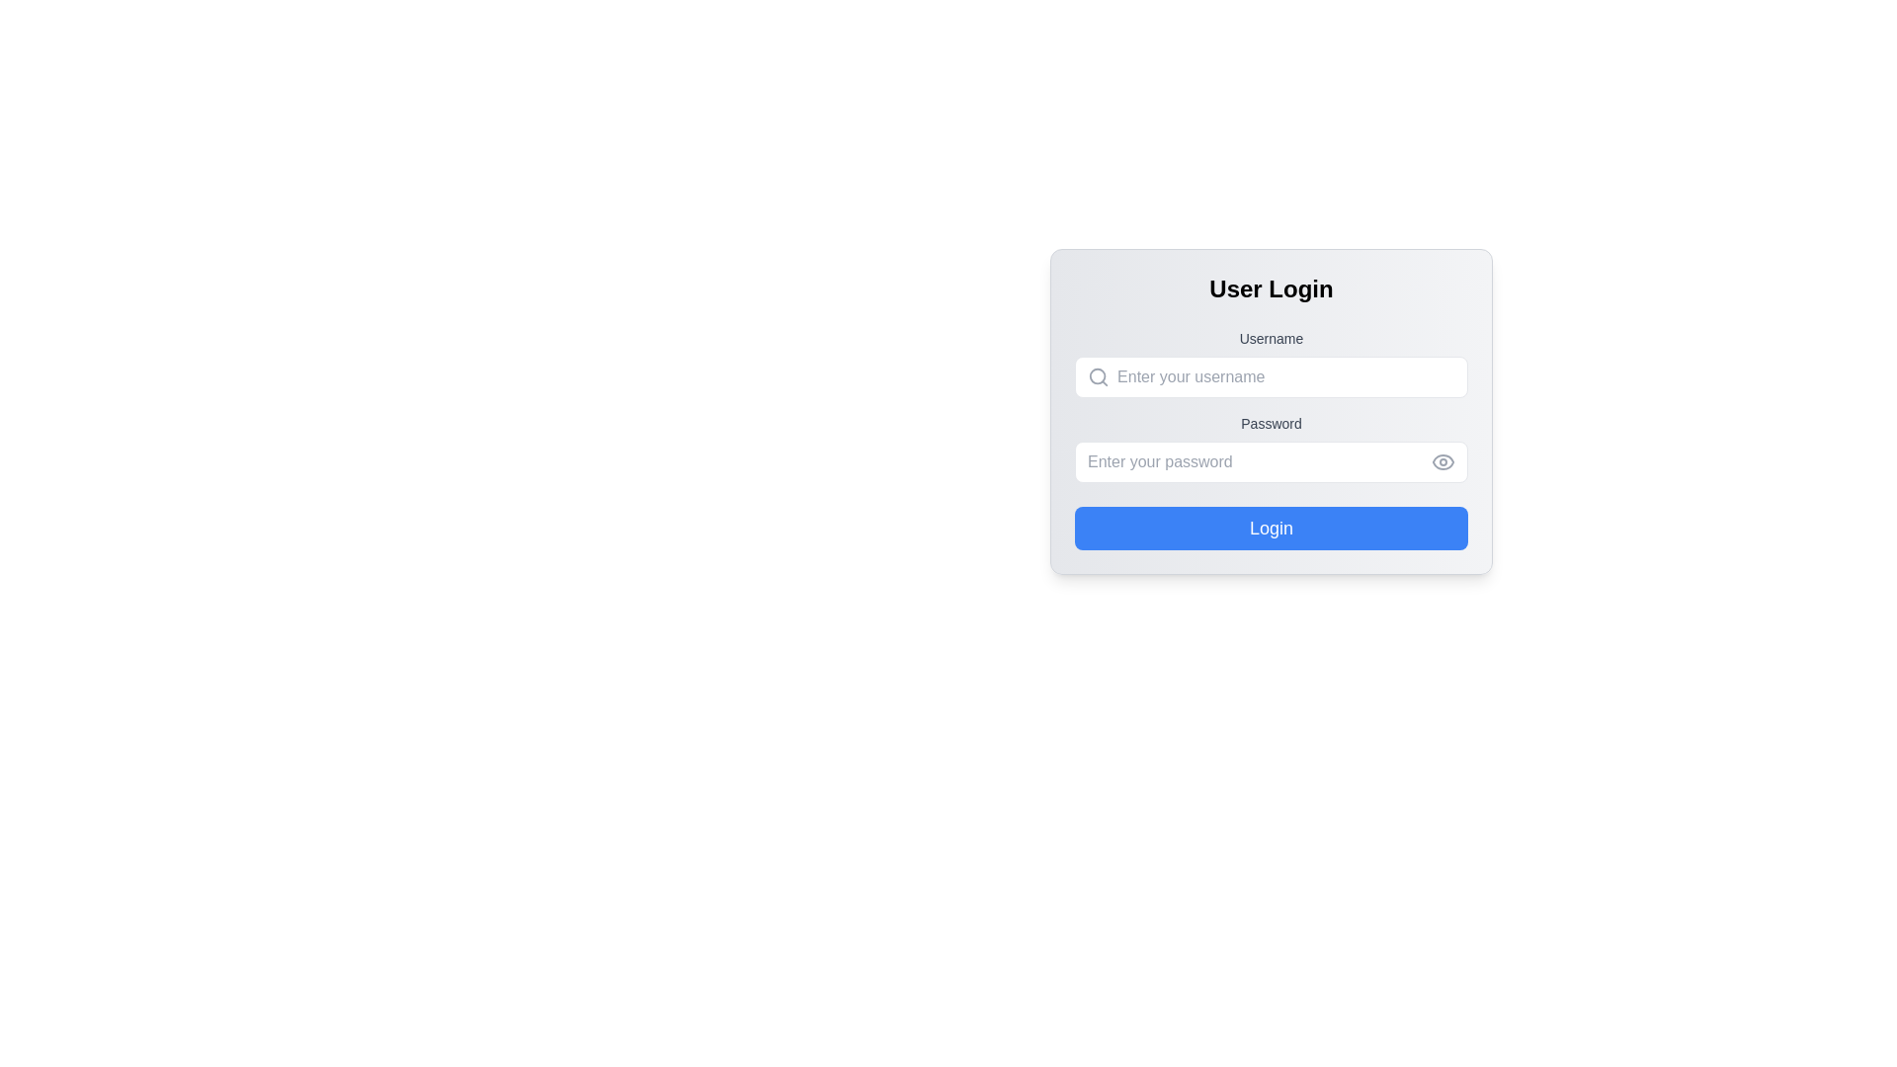 This screenshot has width=1897, height=1067. What do you see at coordinates (1271, 449) in the screenshot?
I see `the password input field located in the middle area of the login form, positioned directly below the Username input field and above the Login button` at bounding box center [1271, 449].